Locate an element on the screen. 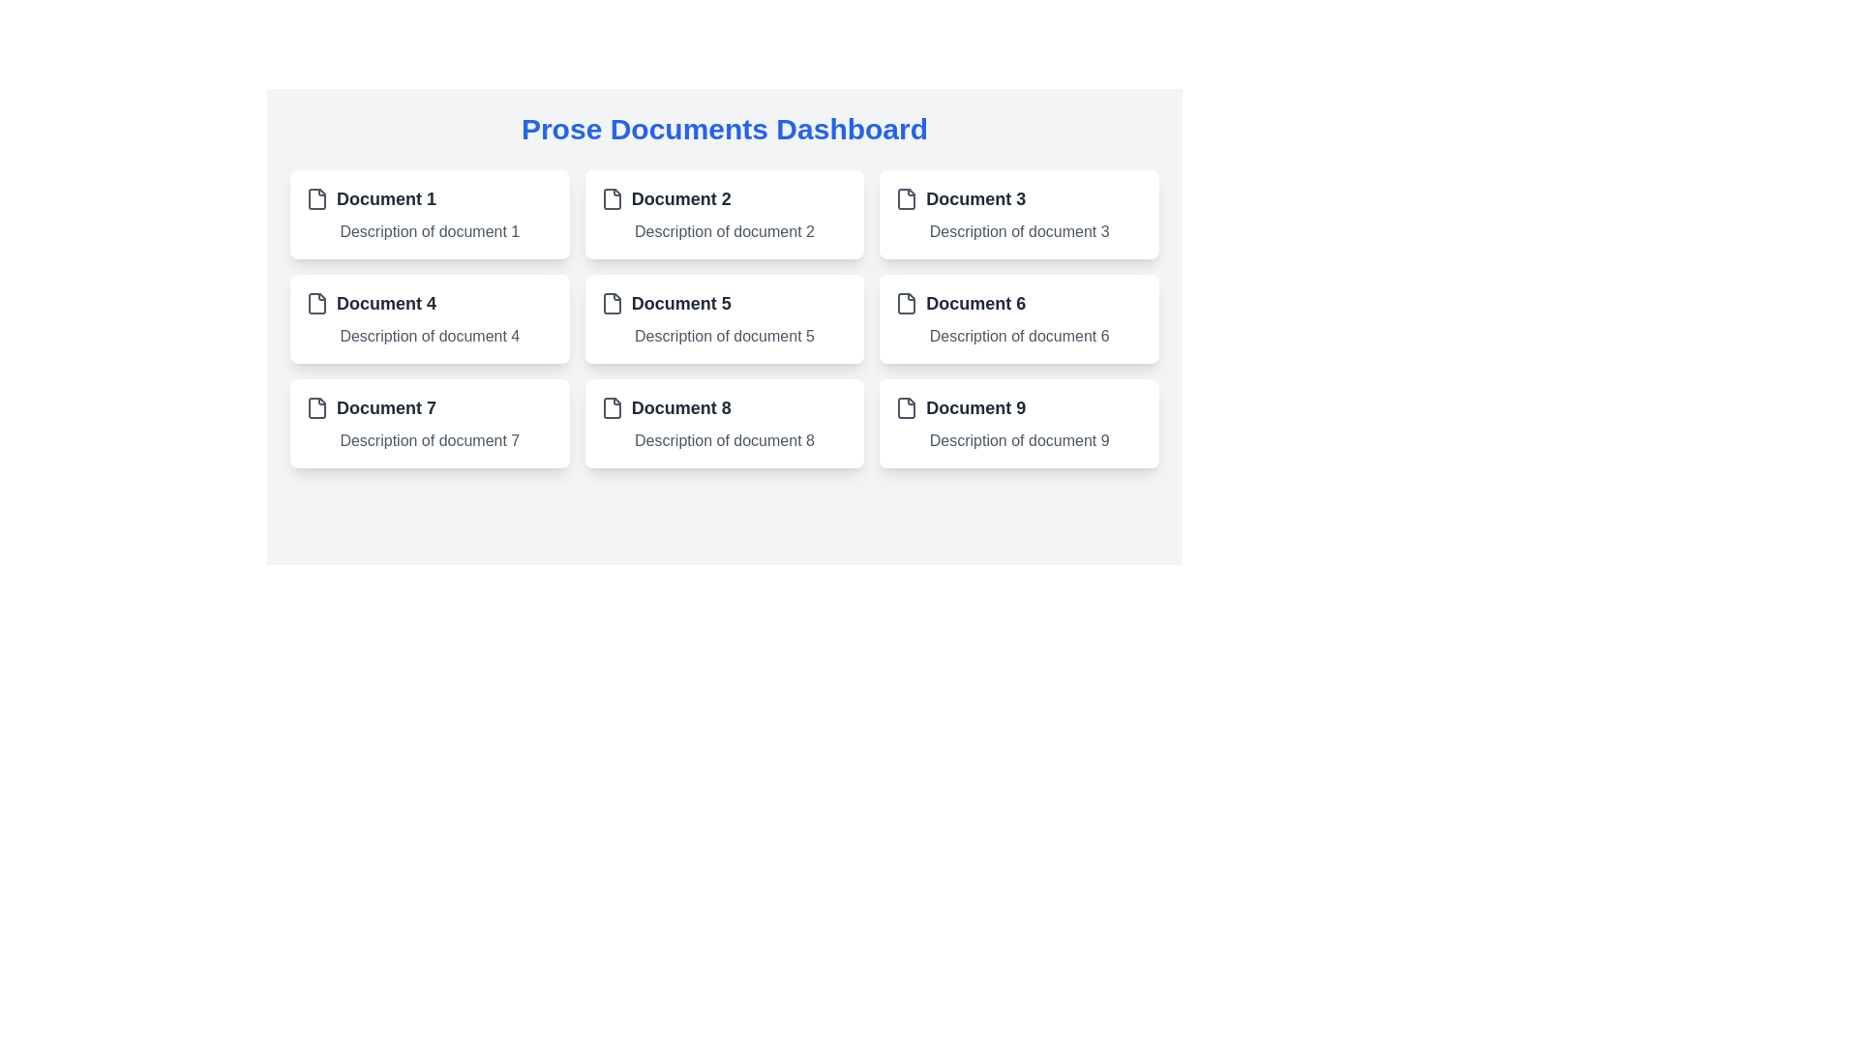  document title displayed as 'Document 7' in bold, located at the top-left corner of the card with an icon resembling a document to its left is located at coordinates (429, 406).